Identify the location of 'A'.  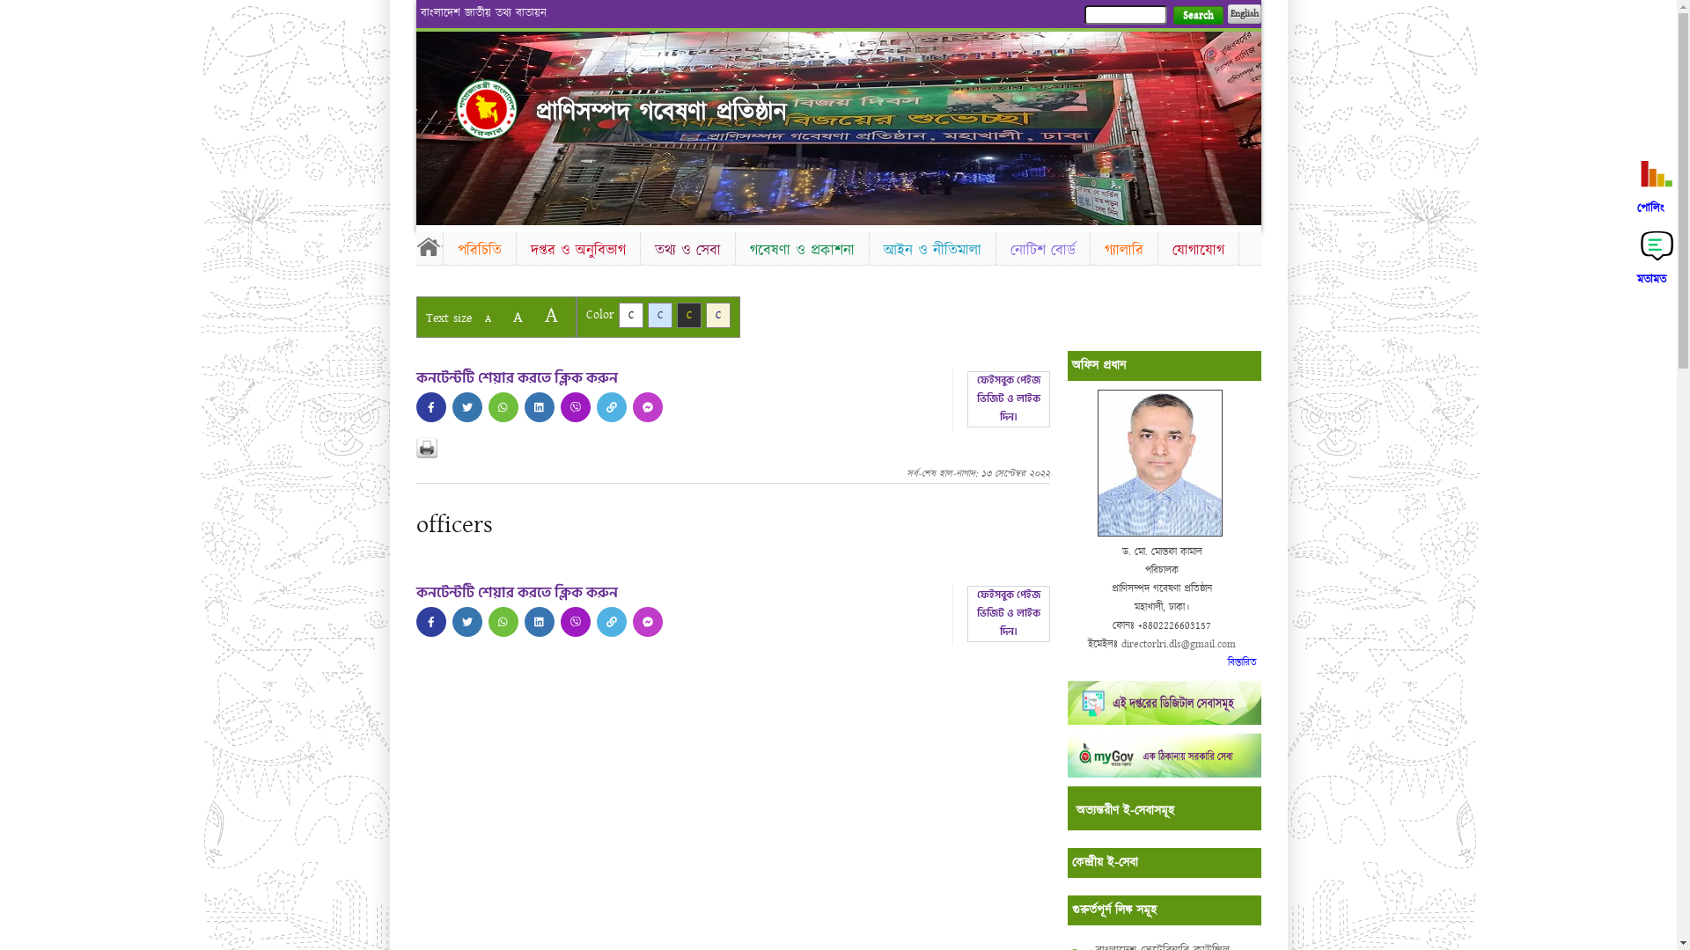
(502, 317).